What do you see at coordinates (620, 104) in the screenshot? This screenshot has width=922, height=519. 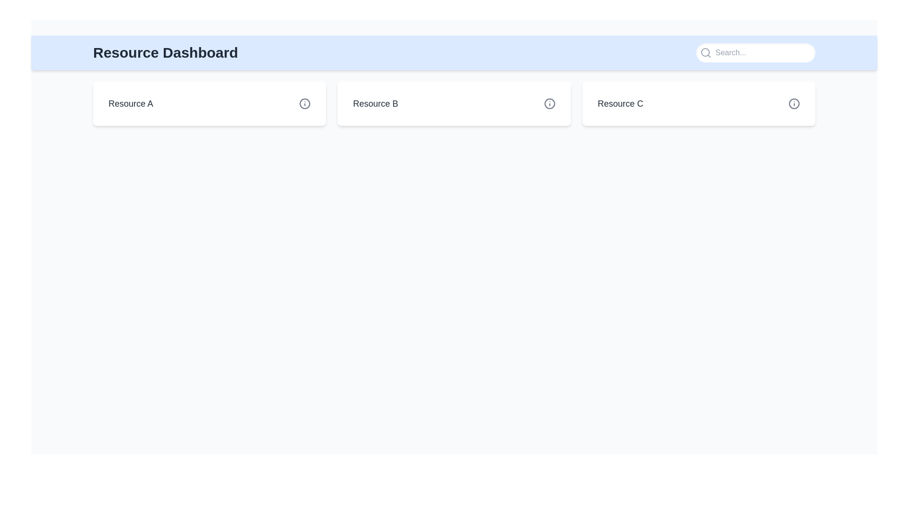 I see `text content of the Text Label displaying 'Resource C', located near the top-right corner of the interface within its card element` at bounding box center [620, 104].